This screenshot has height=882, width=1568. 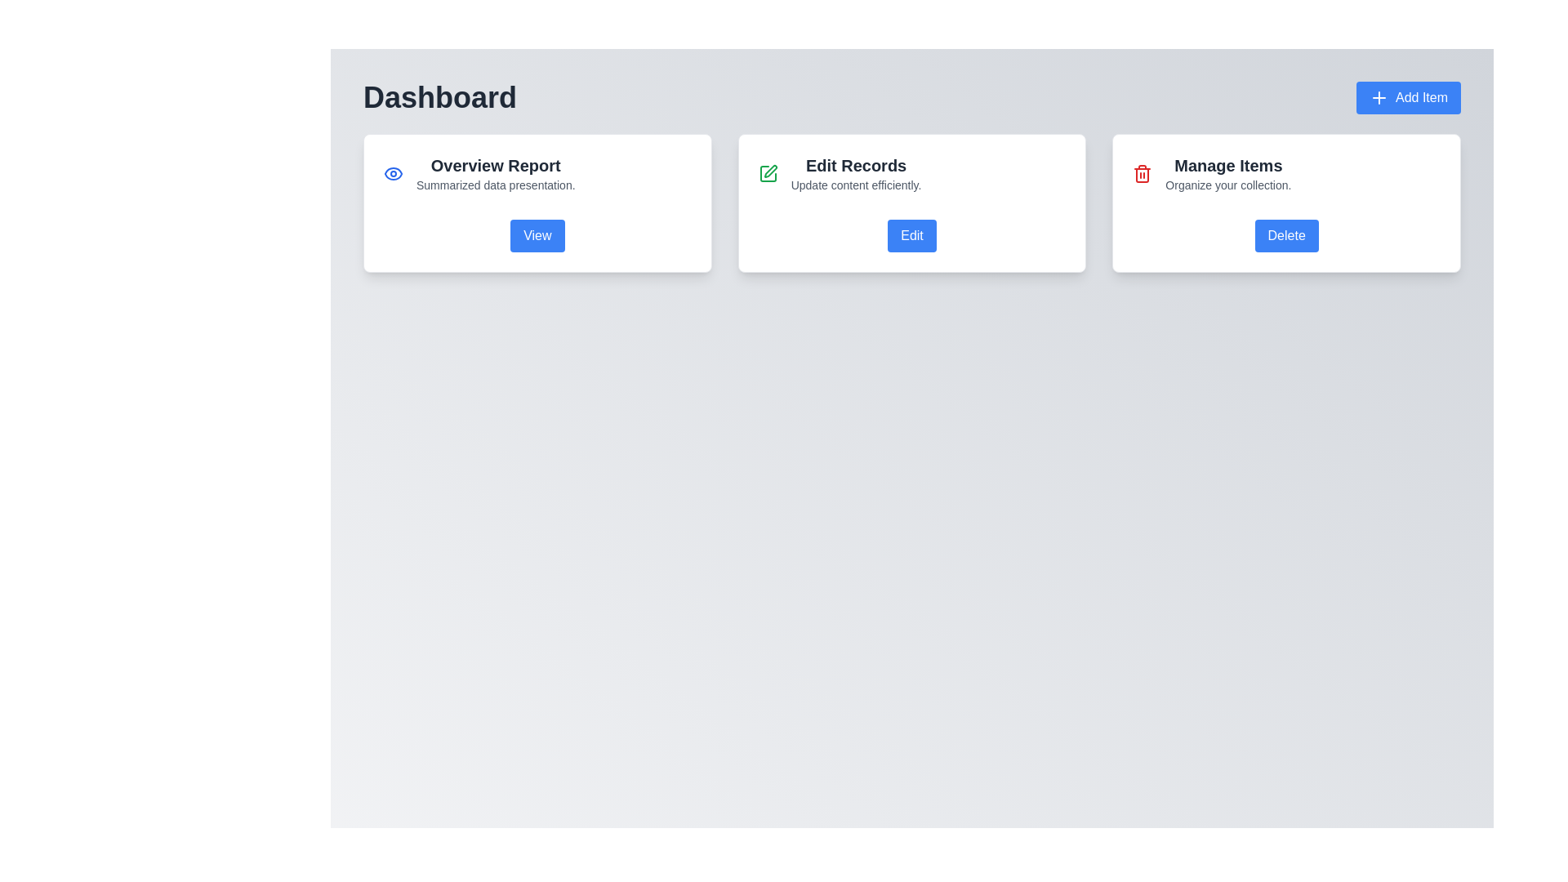 What do you see at coordinates (767, 173) in the screenshot?
I see `the green pencil icon enclosed within a square frame, which is located to the left of the 'Edit Records' title on the card` at bounding box center [767, 173].